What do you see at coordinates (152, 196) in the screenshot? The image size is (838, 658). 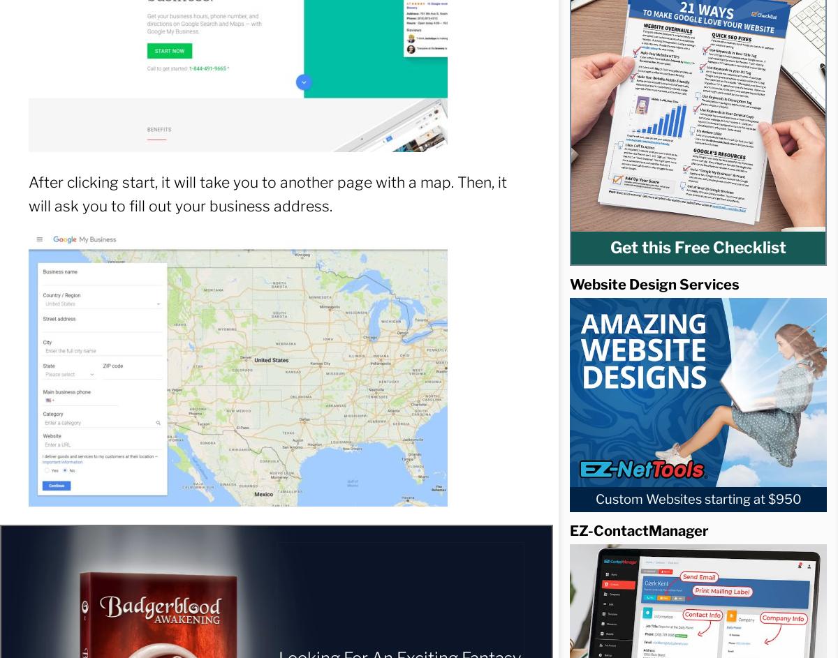 I see `'Video Tutorials'` at bounding box center [152, 196].